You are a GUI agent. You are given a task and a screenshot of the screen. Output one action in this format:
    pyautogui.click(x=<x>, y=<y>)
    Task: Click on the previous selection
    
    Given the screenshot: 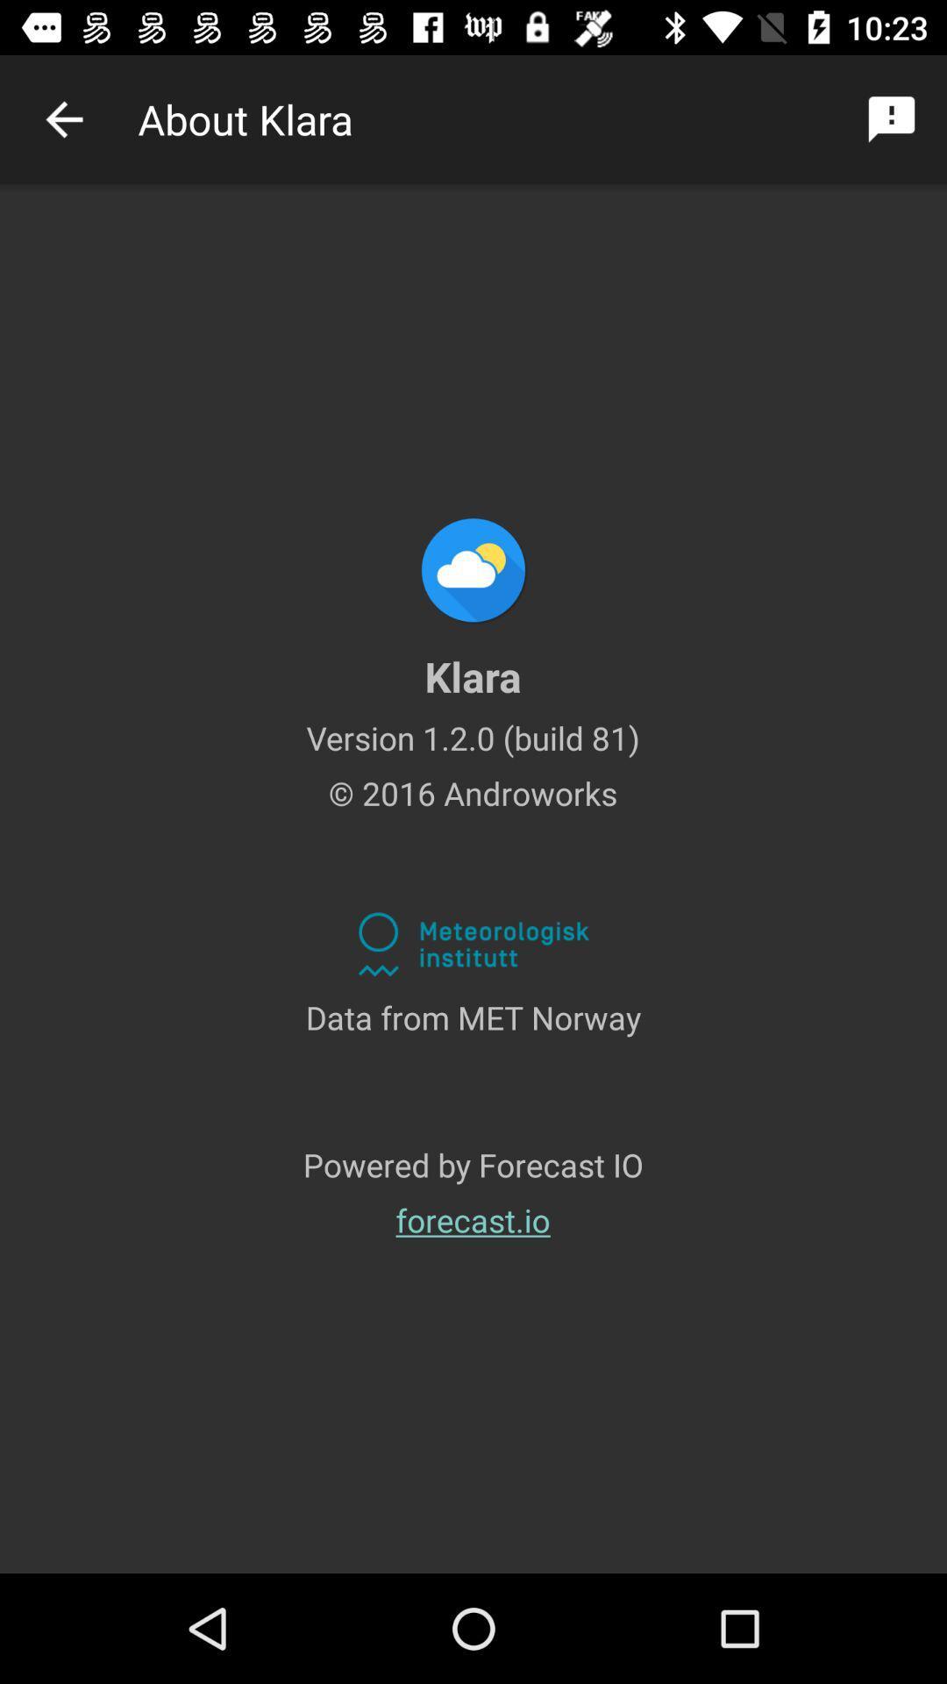 What is the action you would take?
    pyautogui.click(x=63, y=118)
    